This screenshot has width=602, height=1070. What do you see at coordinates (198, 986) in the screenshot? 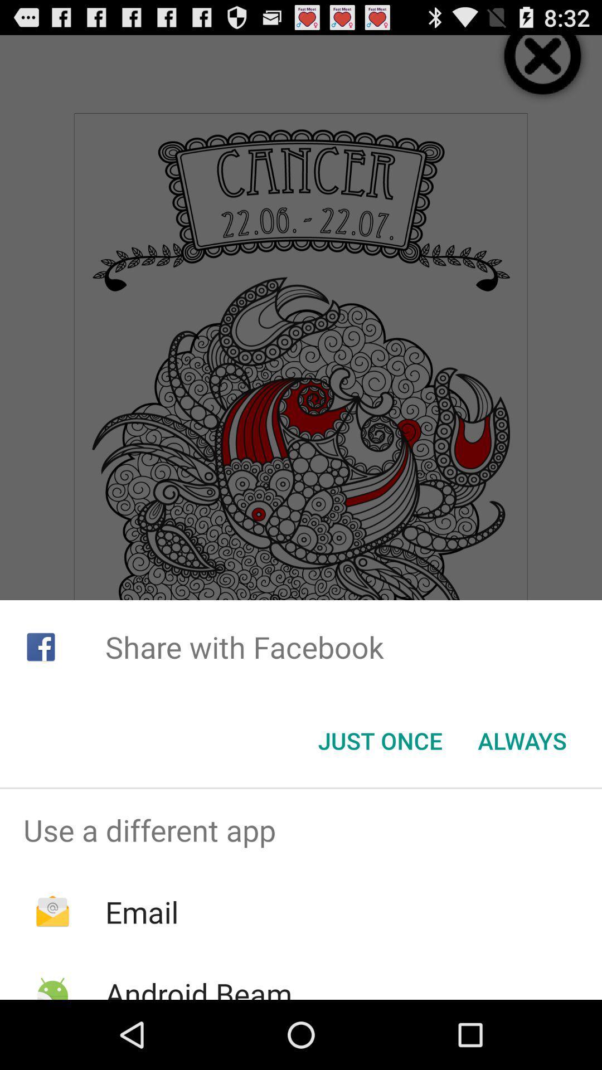
I see `icon below email item` at bounding box center [198, 986].